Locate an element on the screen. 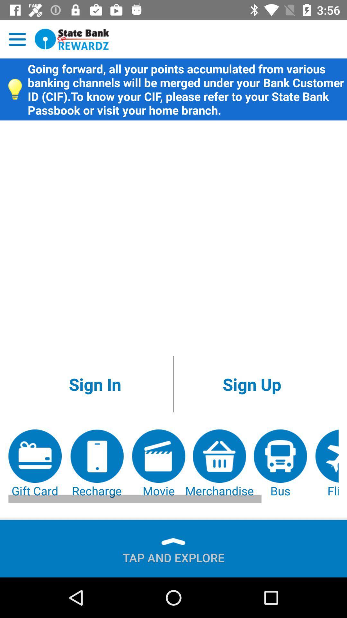 The height and width of the screenshot is (618, 347). item below sign up is located at coordinates (219, 464).